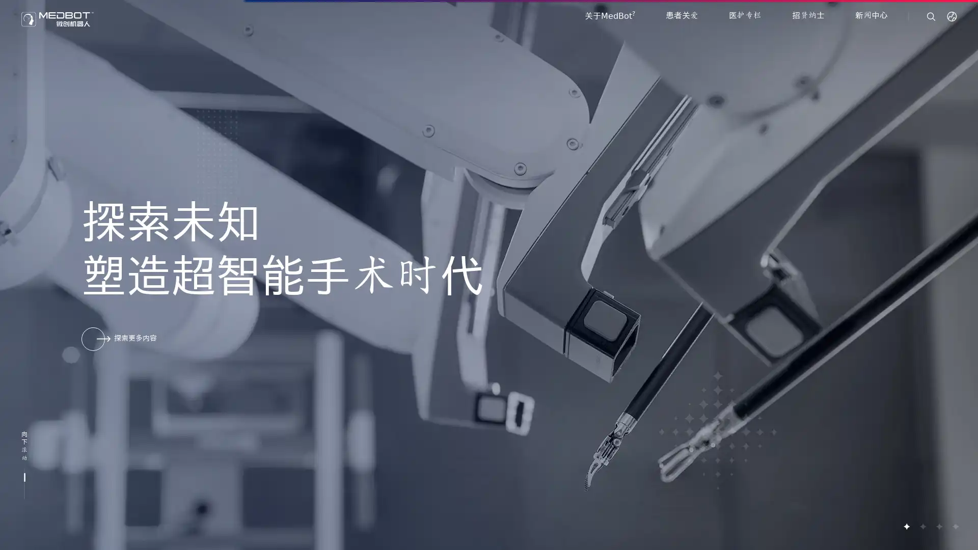 The height and width of the screenshot is (550, 978). Describe the element at coordinates (938, 526) in the screenshot. I see `Go to slide 3` at that location.